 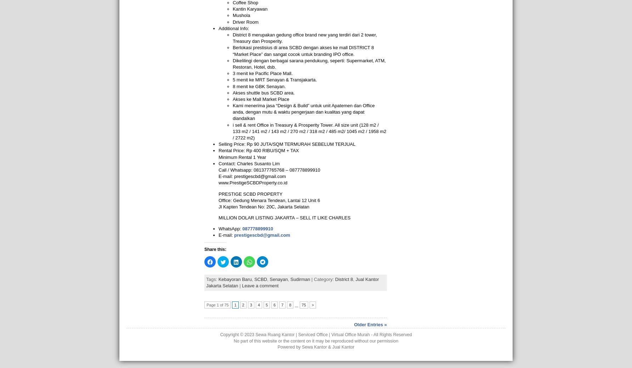 I want to click on 'Call / Whatsapp: 081377765768 – 087778899910', so click(x=269, y=169).